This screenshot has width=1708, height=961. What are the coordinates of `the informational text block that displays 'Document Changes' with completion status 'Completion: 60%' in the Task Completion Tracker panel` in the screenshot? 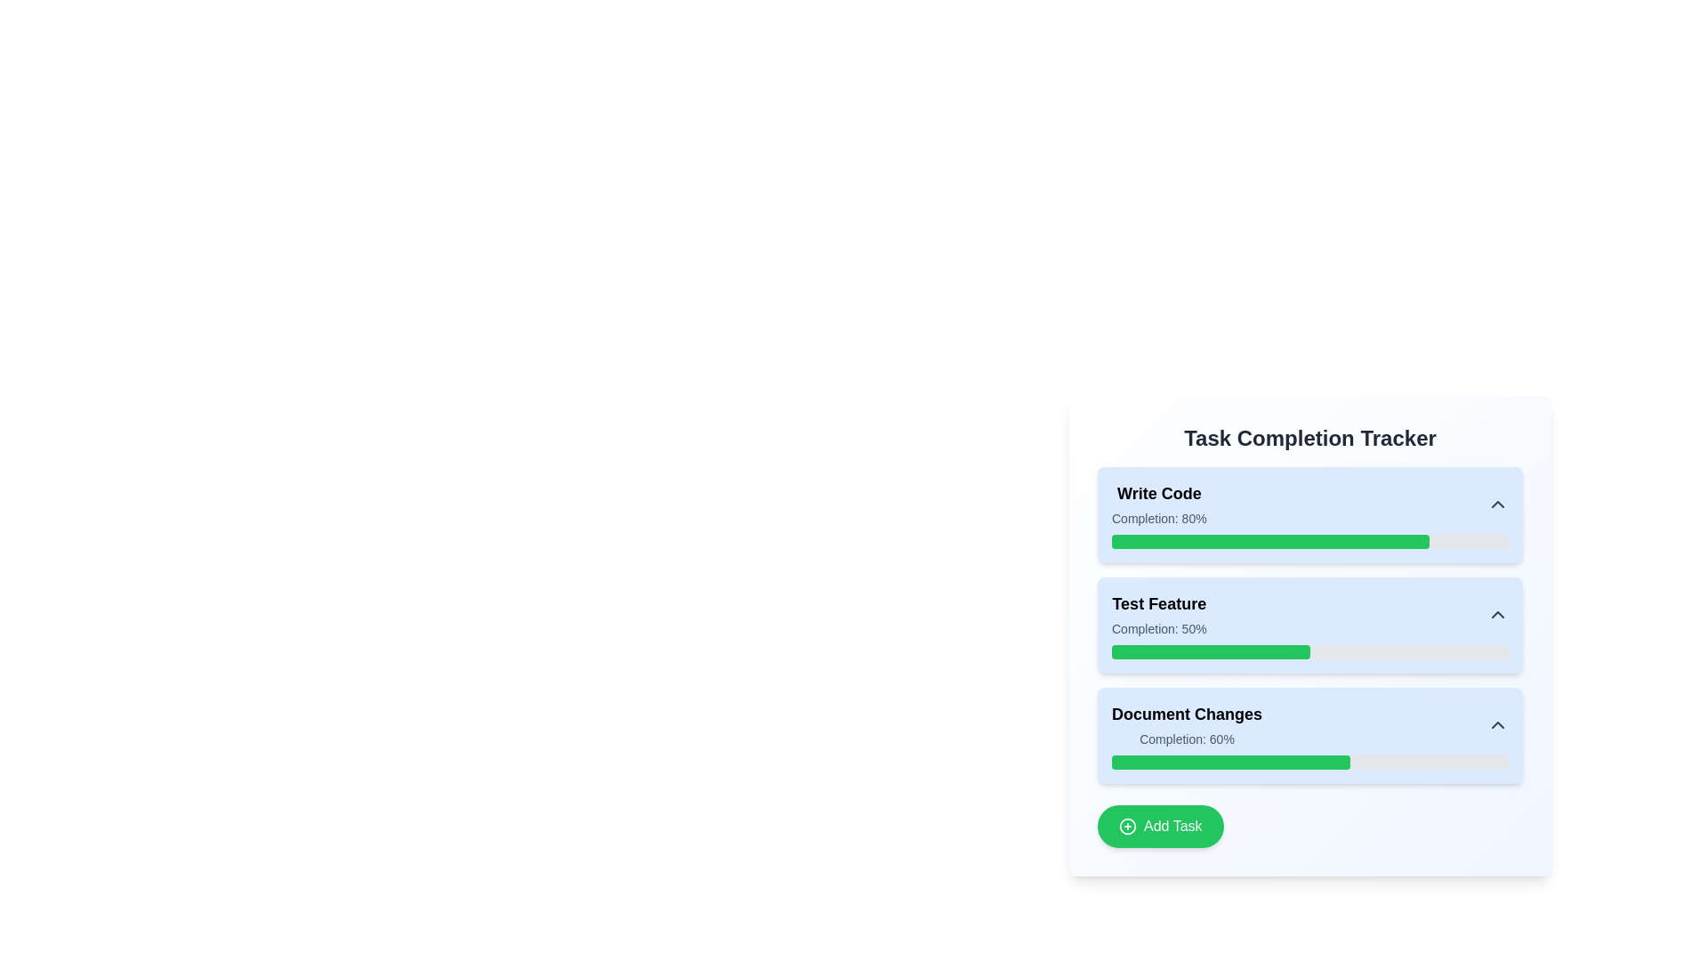 It's located at (1187, 724).